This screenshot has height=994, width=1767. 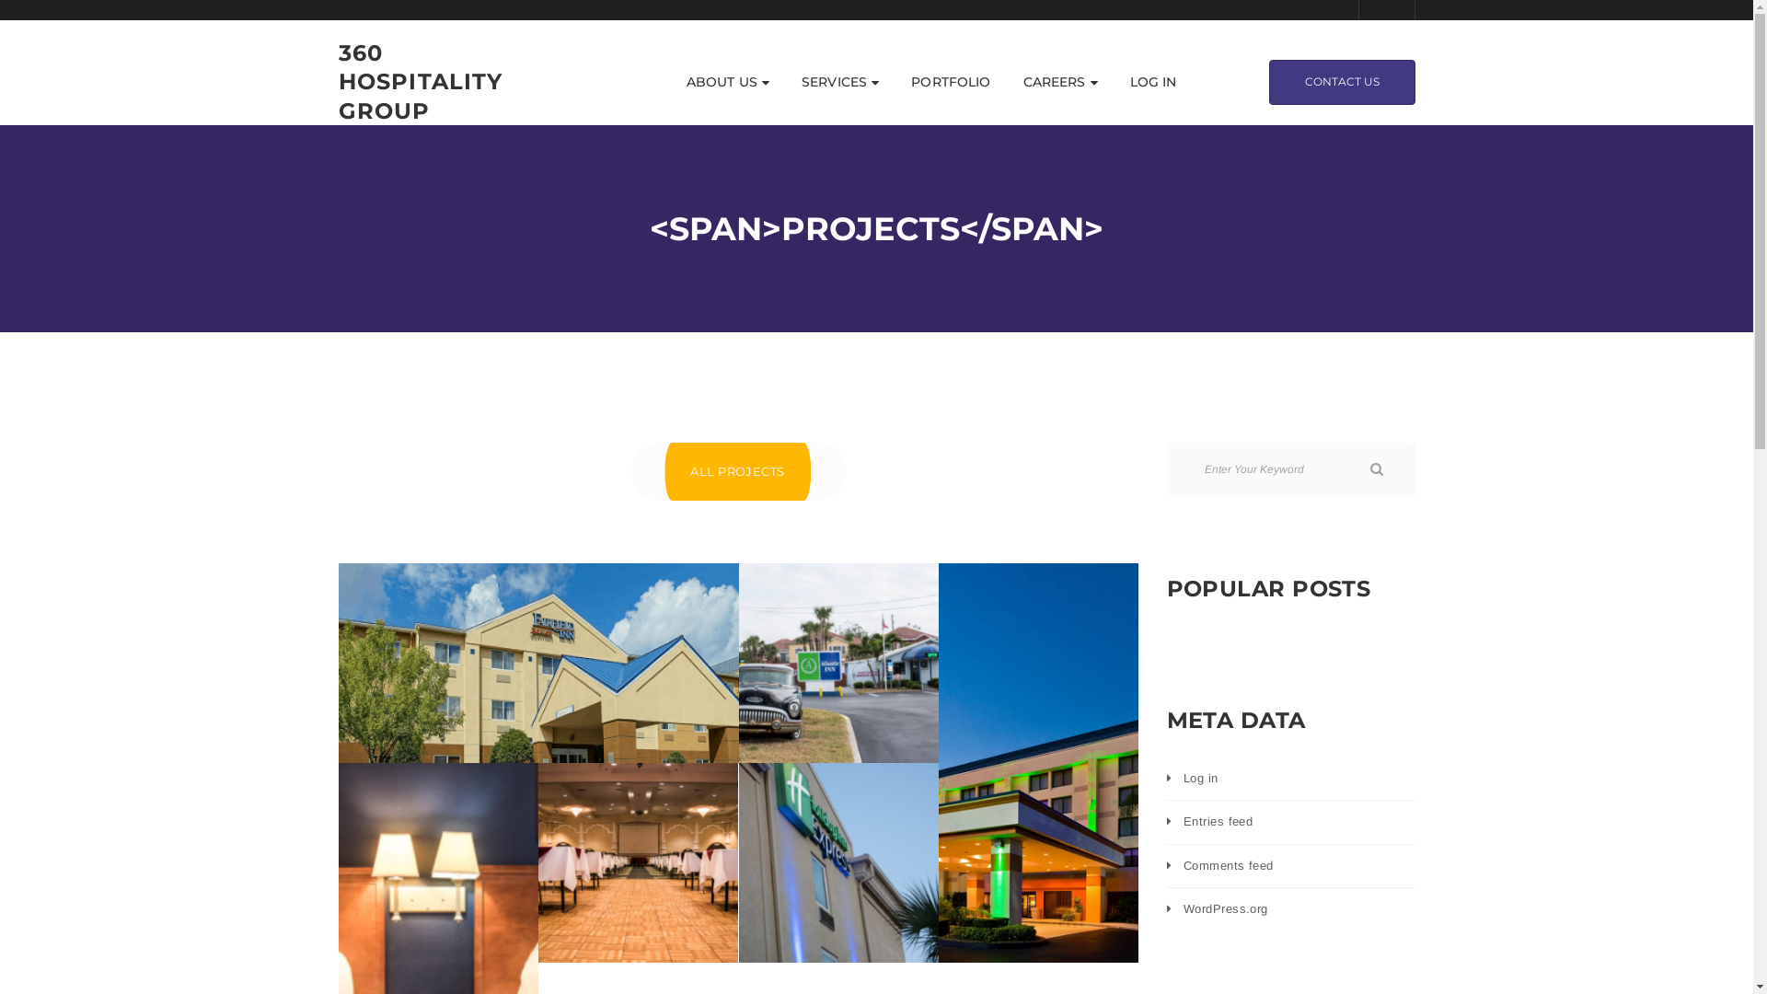 I want to click on 'SERVICES', so click(x=838, y=80).